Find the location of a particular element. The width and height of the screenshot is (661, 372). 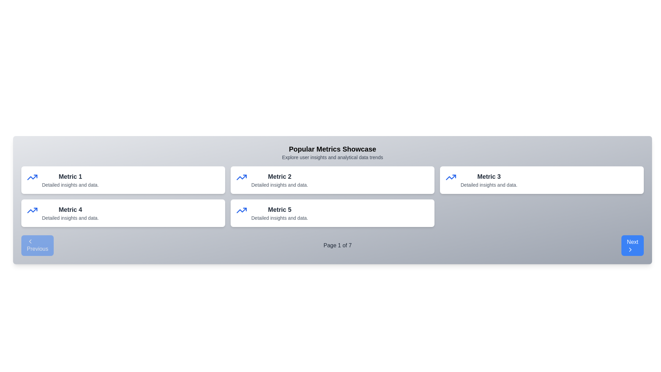

the Text label providing supplementary information for 'Metric 3', which is positioned below the main title in the third card of the grid layout is located at coordinates (489, 184).